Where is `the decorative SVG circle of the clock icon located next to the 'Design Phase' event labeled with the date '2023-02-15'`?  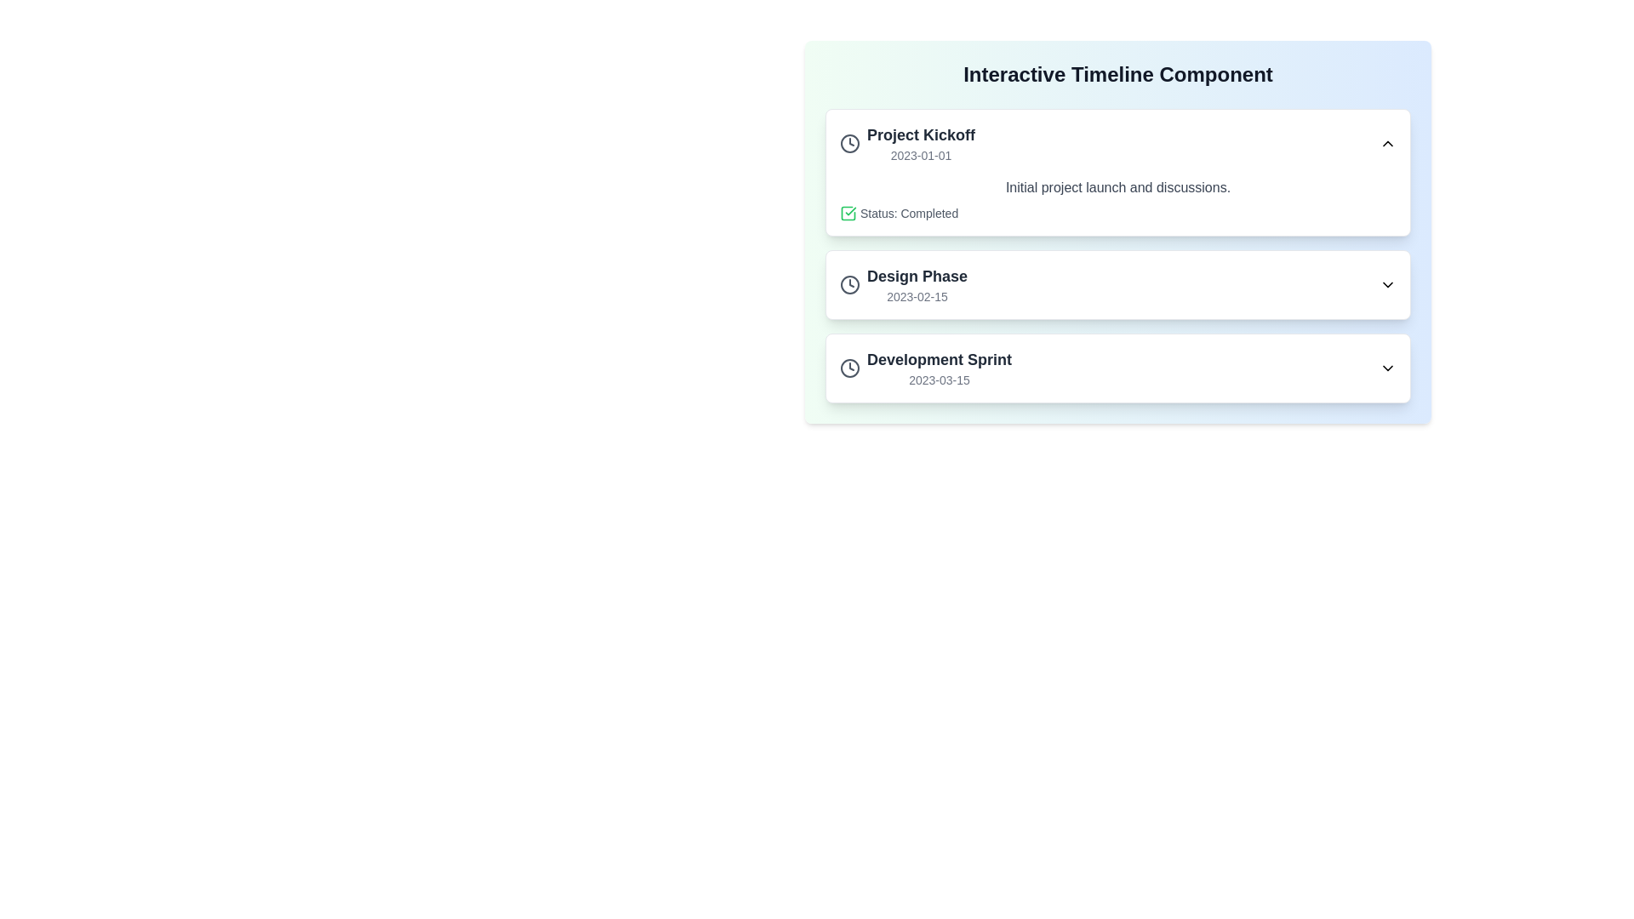 the decorative SVG circle of the clock icon located next to the 'Design Phase' event labeled with the date '2023-02-15' is located at coordinates (849, 284).